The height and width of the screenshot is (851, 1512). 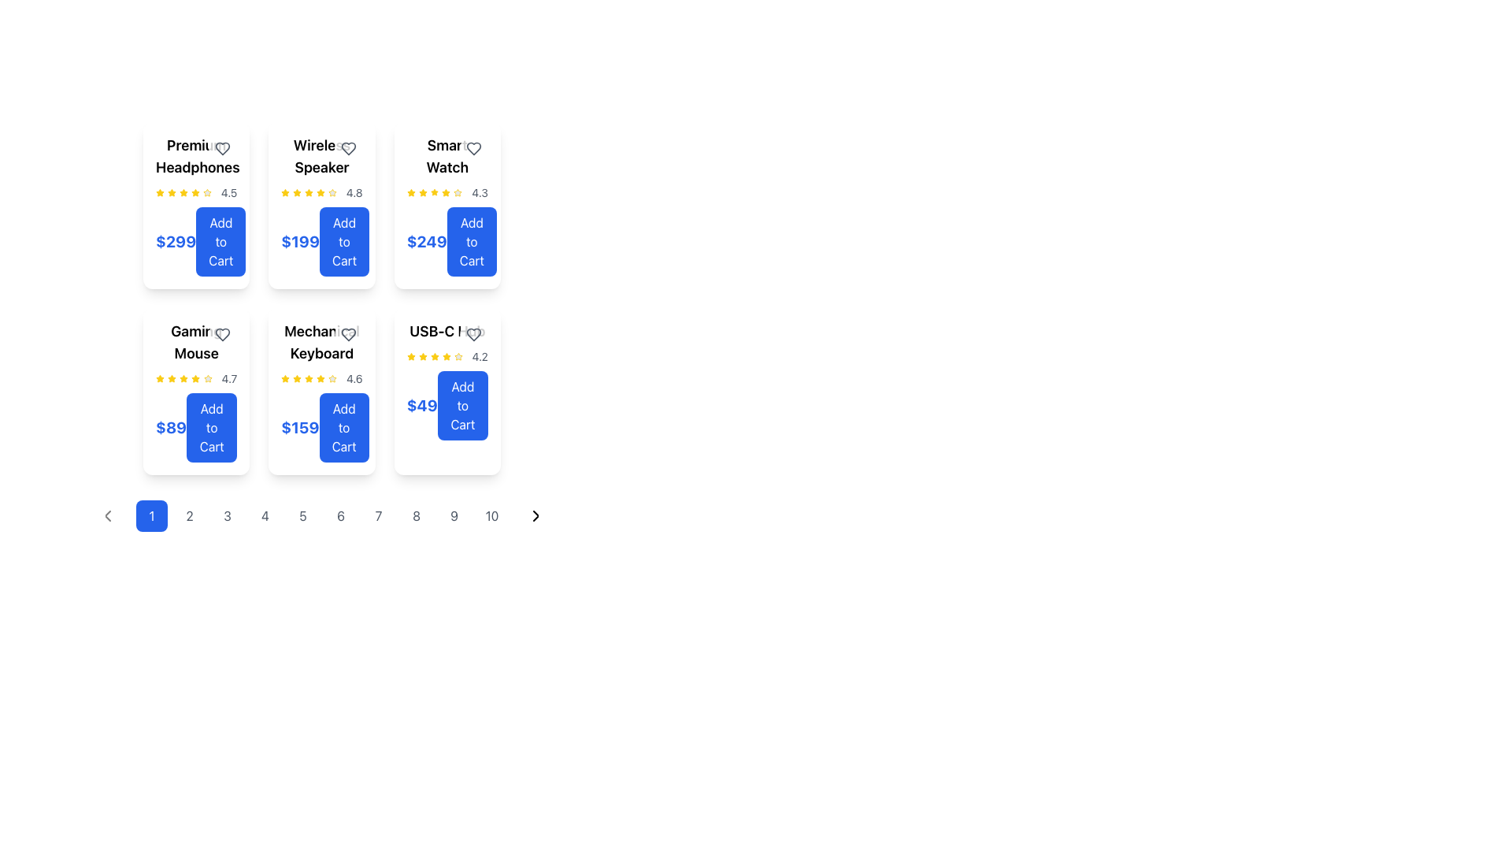 I want to click on the heart icon located in the top-right corner of the 'USB-C Hub' item box to change its color, so click(x=472, y=333).